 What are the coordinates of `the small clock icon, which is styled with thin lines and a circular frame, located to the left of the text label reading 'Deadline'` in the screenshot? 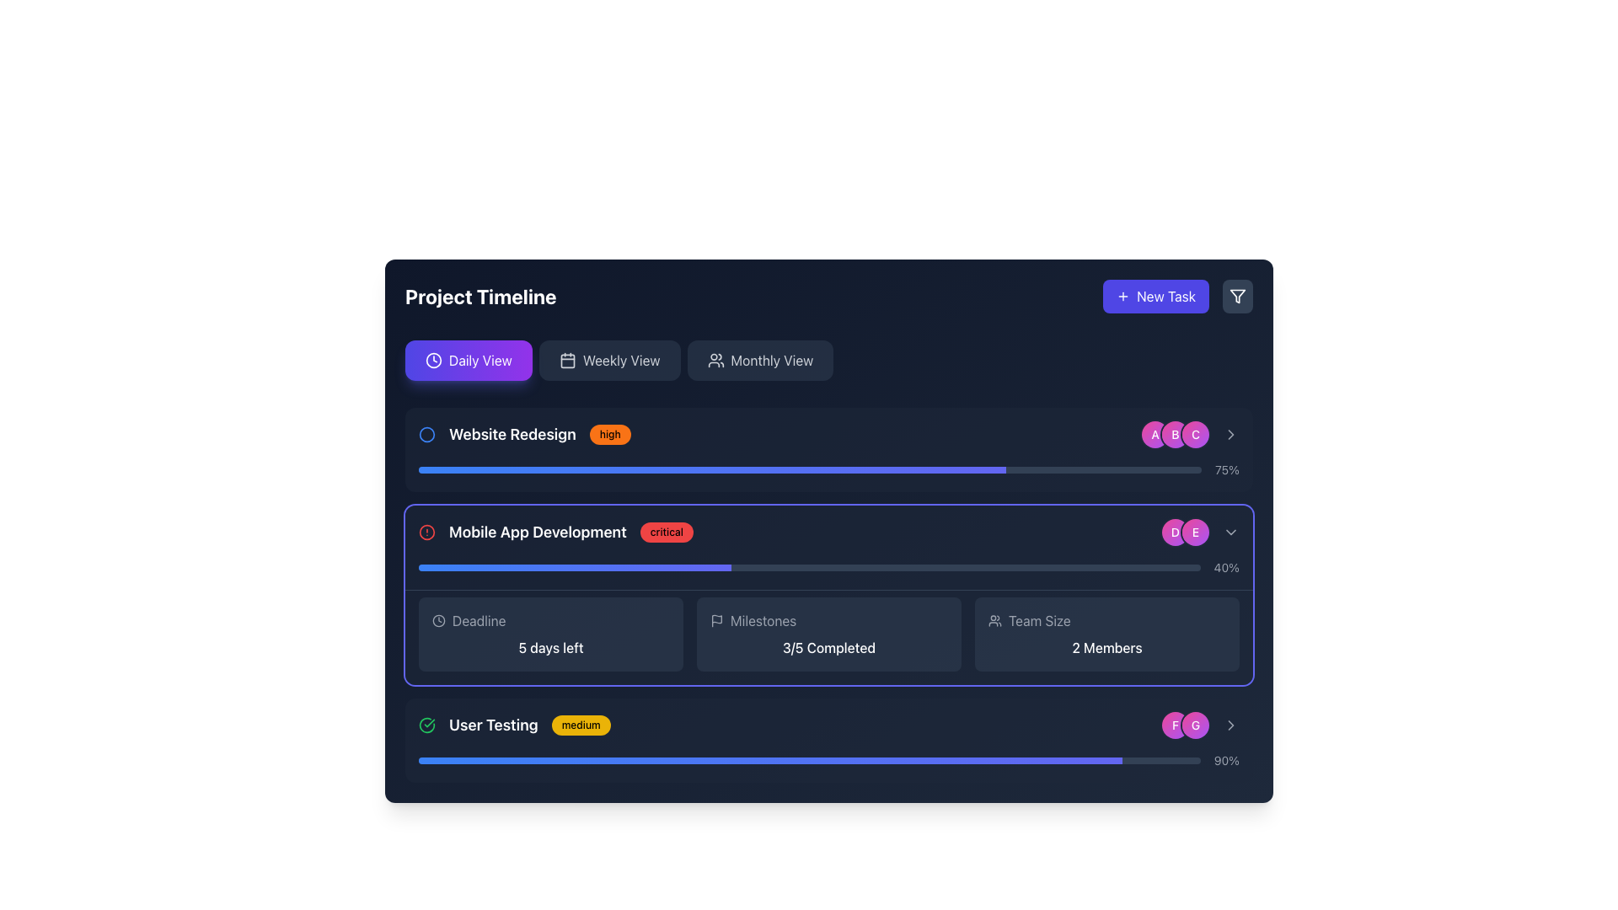 It's located at (439, 620).